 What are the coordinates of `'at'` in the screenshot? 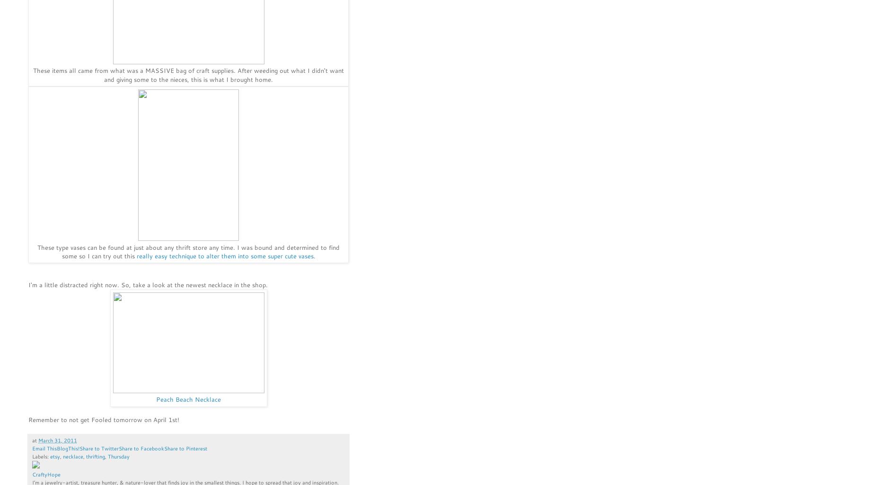 It's located at (35, 439).